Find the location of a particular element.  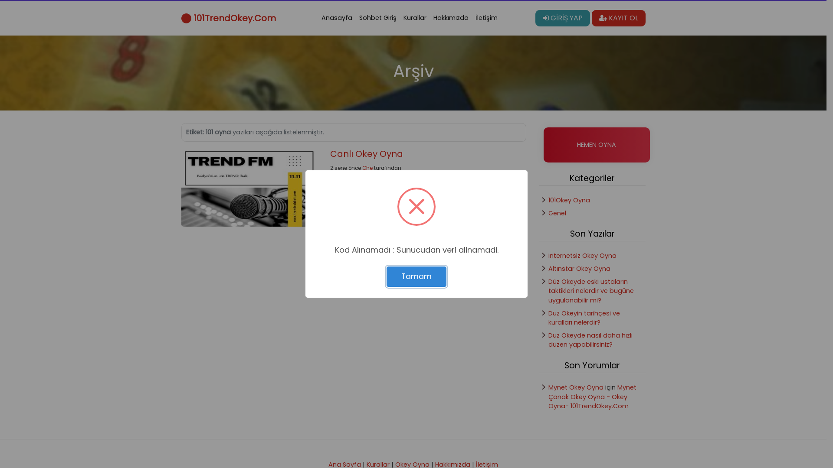

'Che' is located at coordinates (362, 168).